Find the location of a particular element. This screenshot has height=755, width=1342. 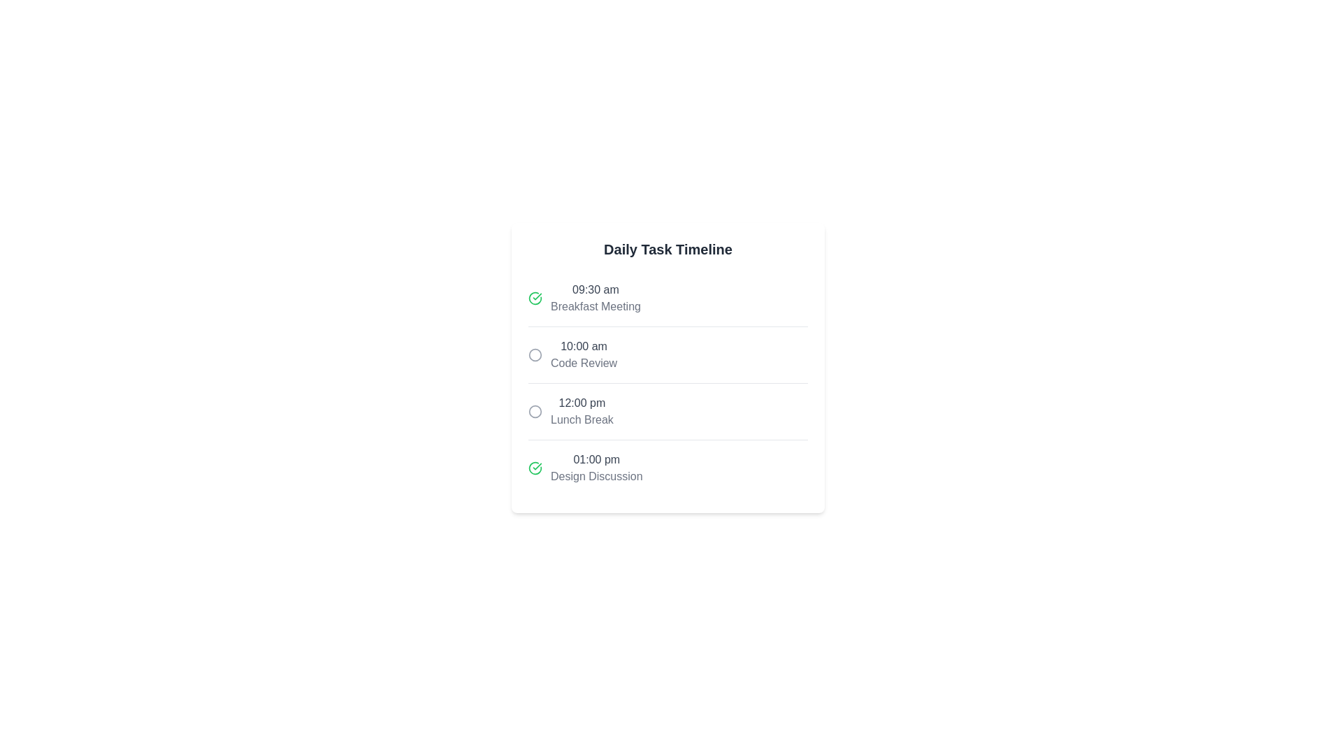

the Text Description Component representing a scheduled event in the timeline, positioned below 'Lunch Break' is located at coordinates (596, 468).